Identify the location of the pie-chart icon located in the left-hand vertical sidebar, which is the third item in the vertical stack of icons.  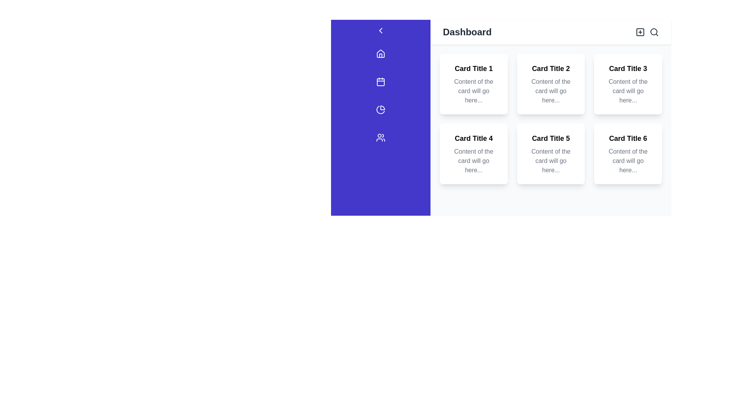
(382, 107).